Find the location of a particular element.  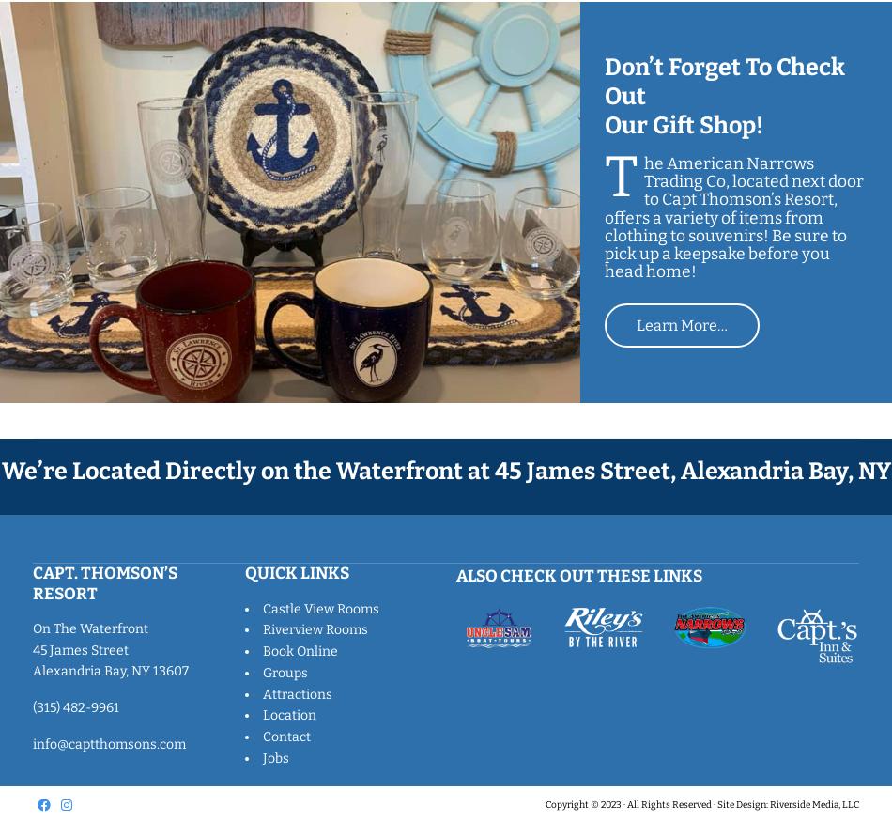

'Groups' is located at coordinates (283, 672).